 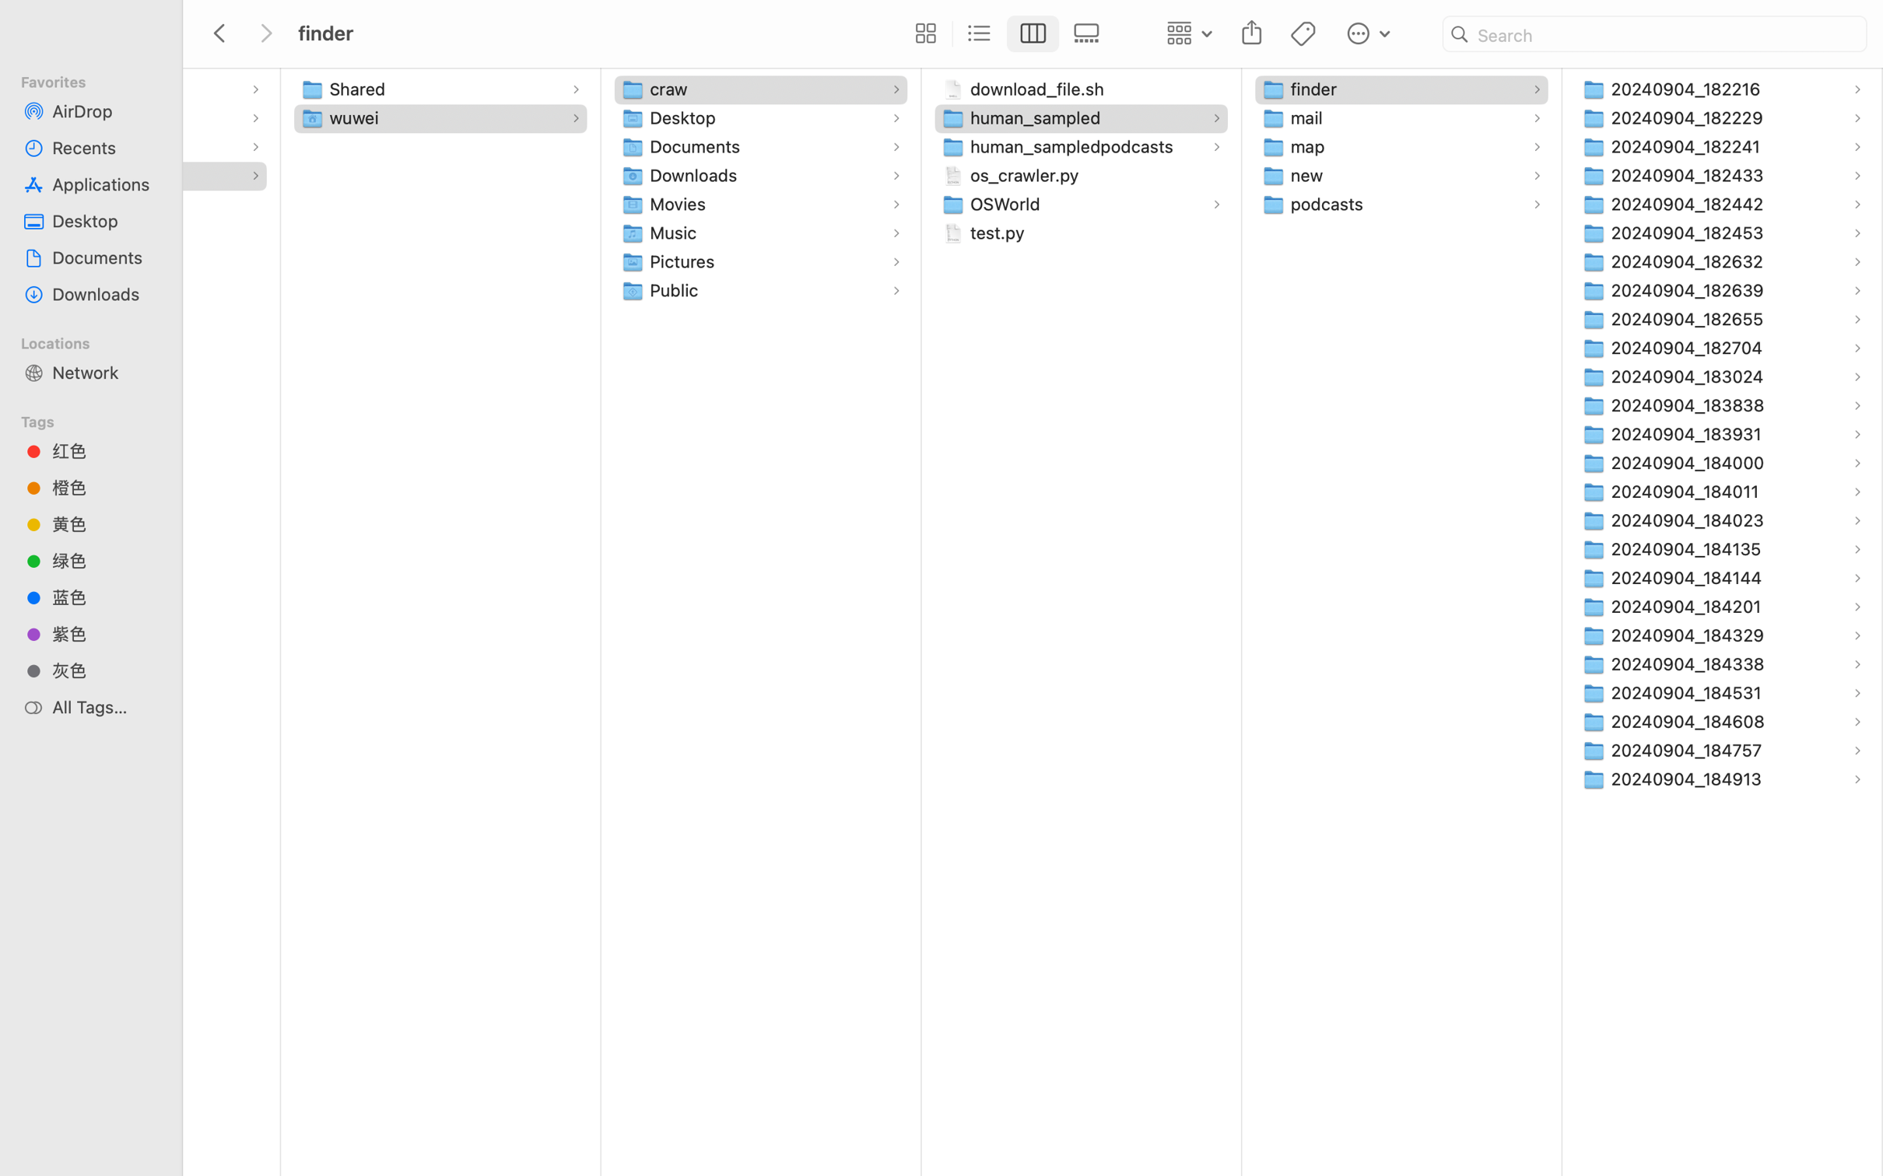 What do you see at coordinates (357, 117) in the screenshot?
I see `'wuwei'` at bounding box center [357, 117].